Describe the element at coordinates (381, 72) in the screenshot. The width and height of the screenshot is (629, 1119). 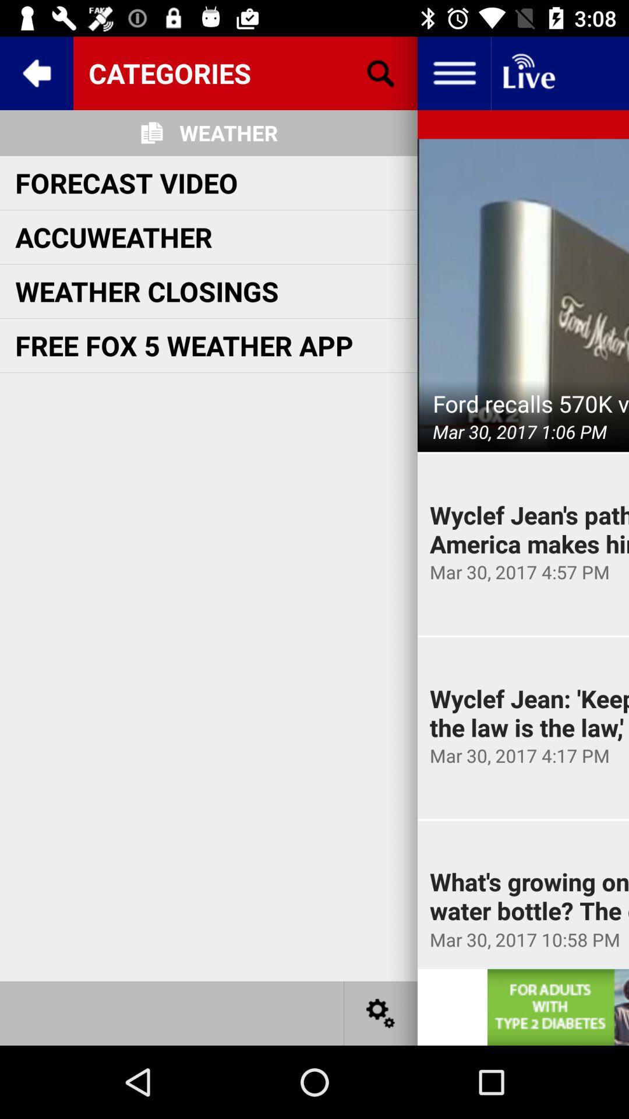
I see `search section` at that location.